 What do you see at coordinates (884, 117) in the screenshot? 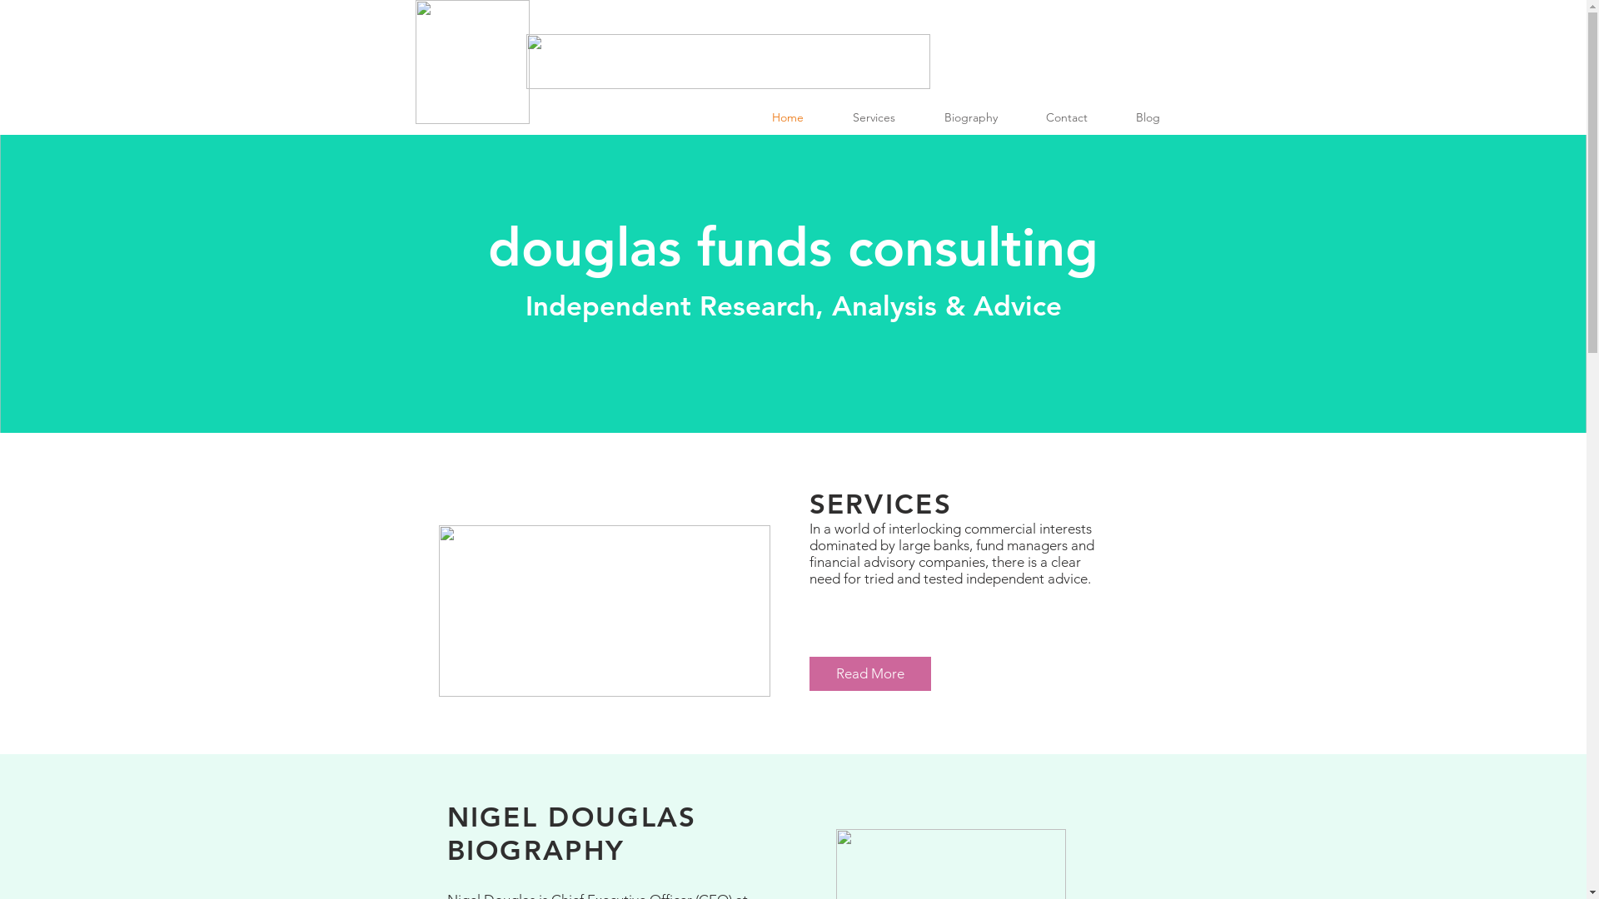
I see `'Services'` at bounding box center [884, 117].